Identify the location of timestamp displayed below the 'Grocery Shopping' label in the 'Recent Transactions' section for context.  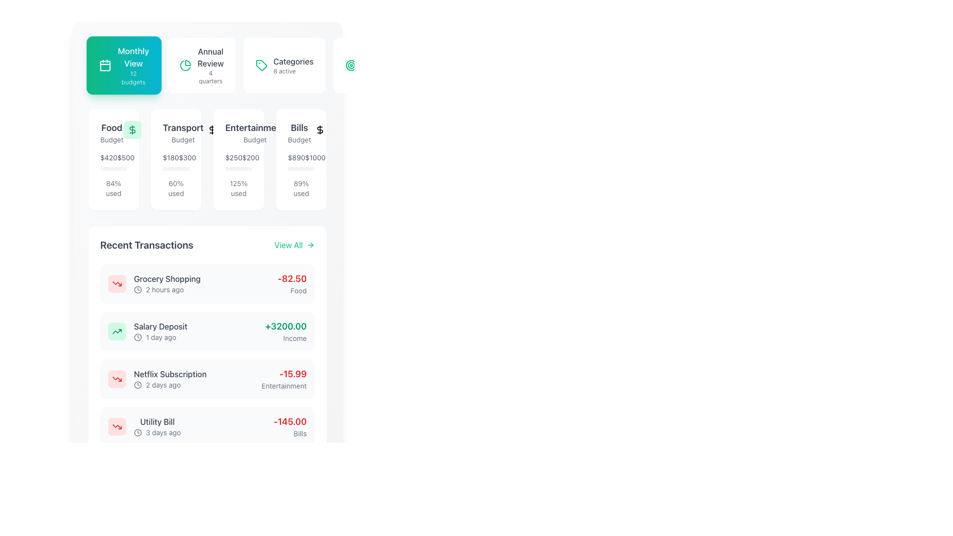
(167, 289).